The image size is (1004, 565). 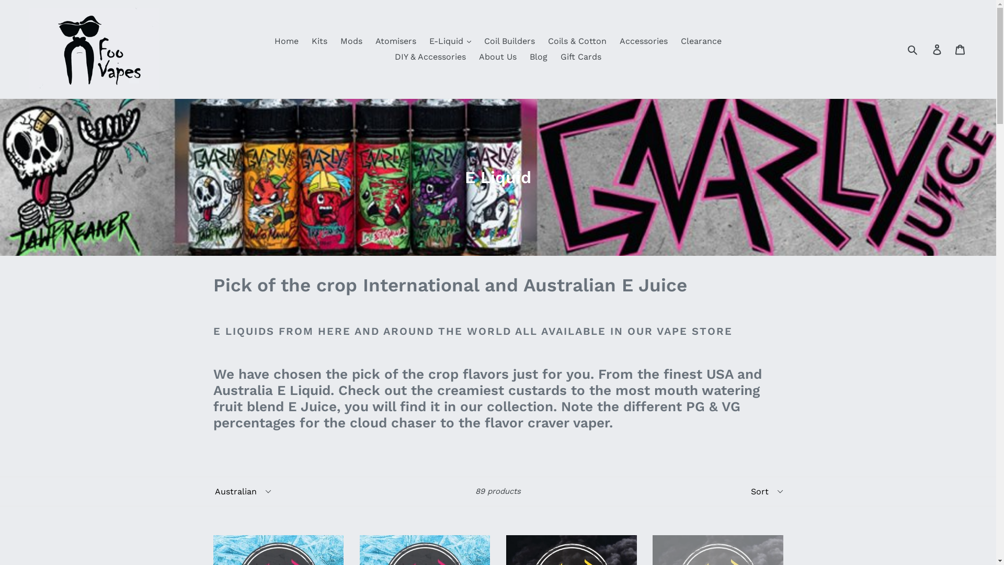 I want to click on 'Blog', so click(x=539, y=56).